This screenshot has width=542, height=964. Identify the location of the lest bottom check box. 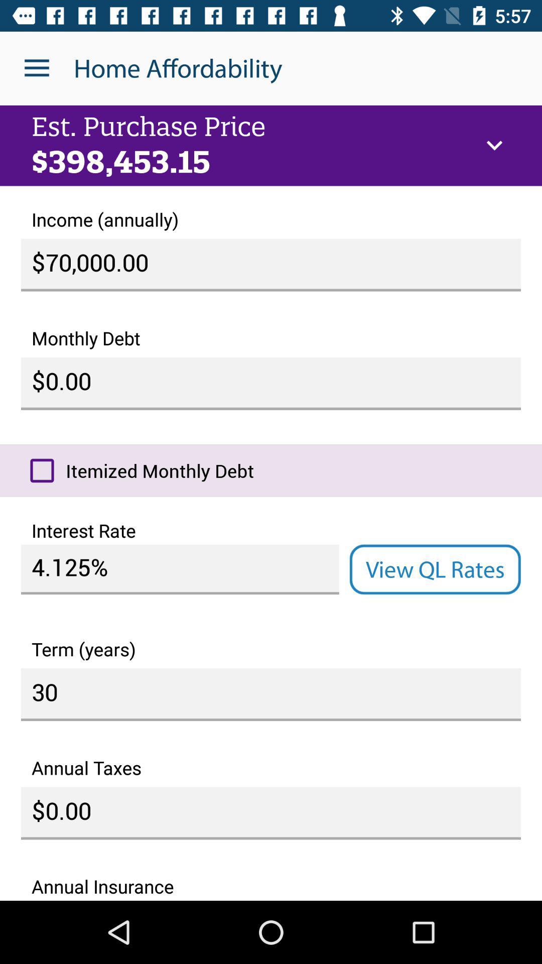
(42, 470).